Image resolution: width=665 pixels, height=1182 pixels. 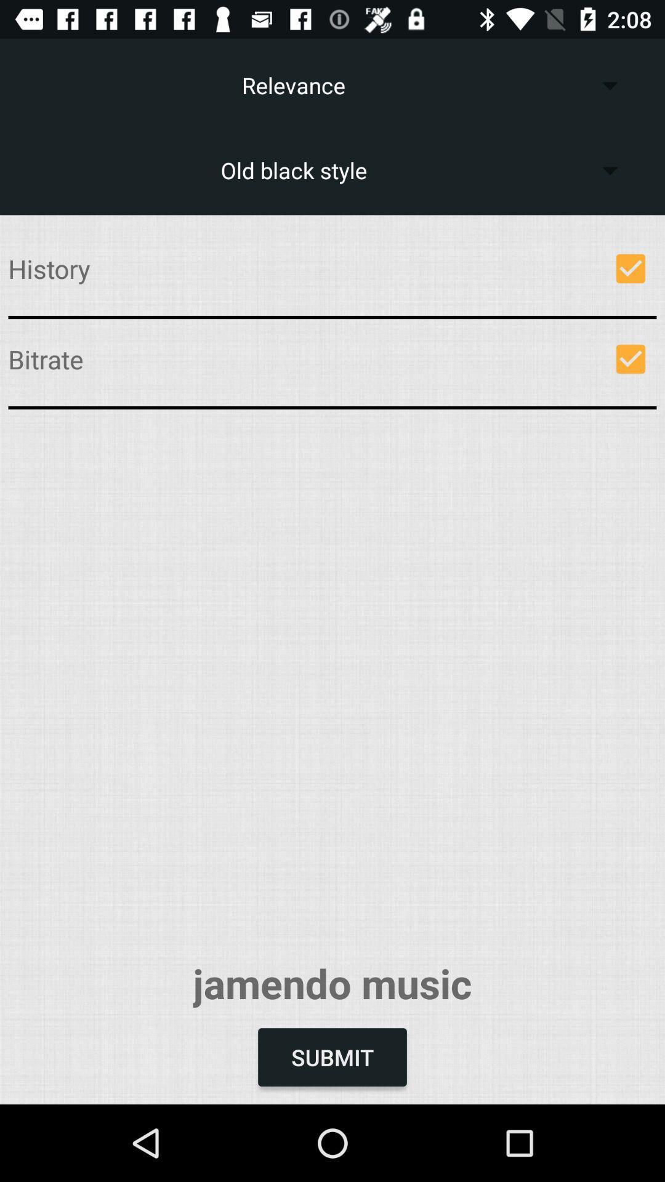 What do you see at coordinates (631, 268) in the screenshot?
I see `selected for do` at bounding box center [631, 268].